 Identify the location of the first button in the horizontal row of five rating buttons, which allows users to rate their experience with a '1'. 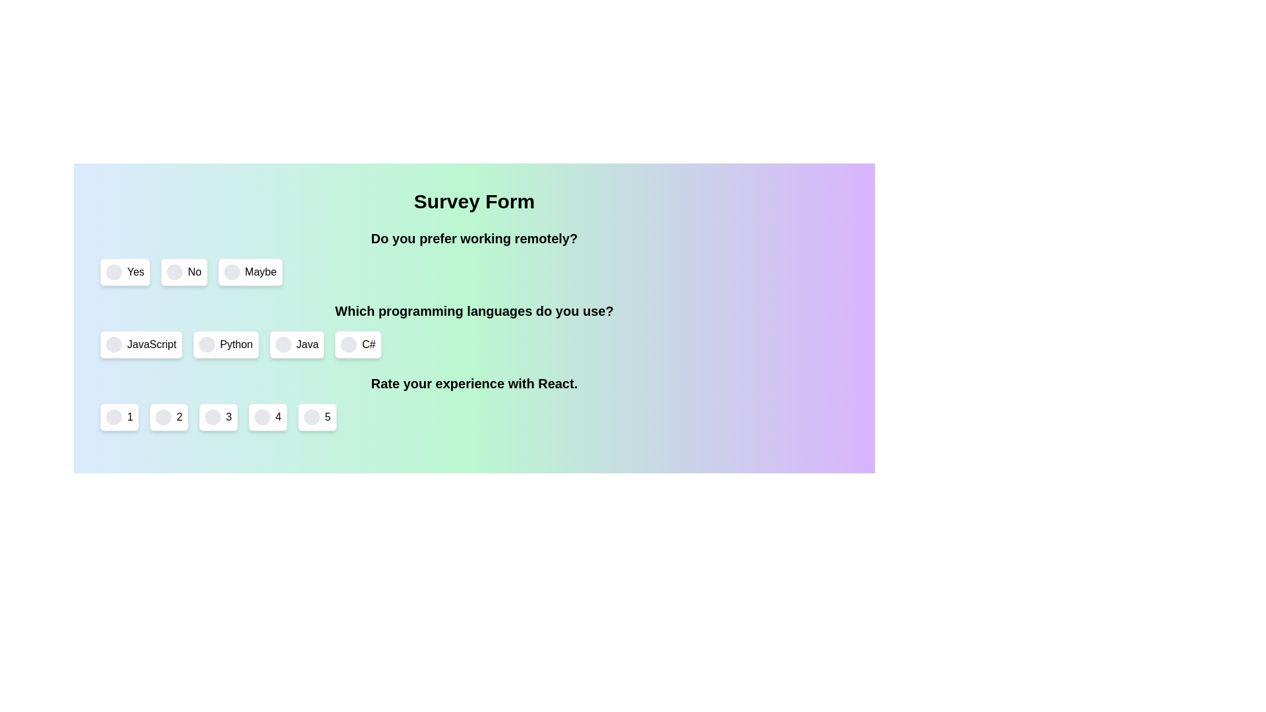
(119, 417).